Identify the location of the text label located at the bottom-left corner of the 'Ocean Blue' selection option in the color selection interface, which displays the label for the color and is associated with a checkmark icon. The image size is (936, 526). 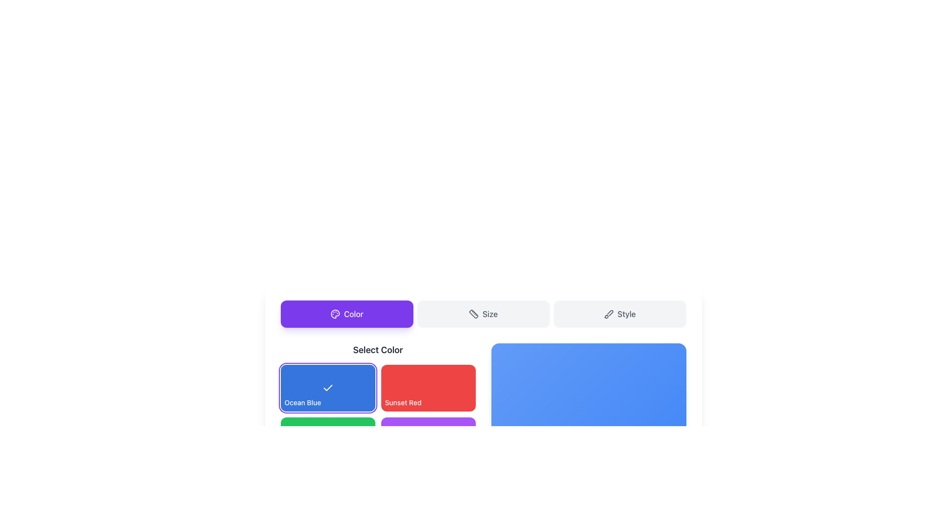
(302, 402).